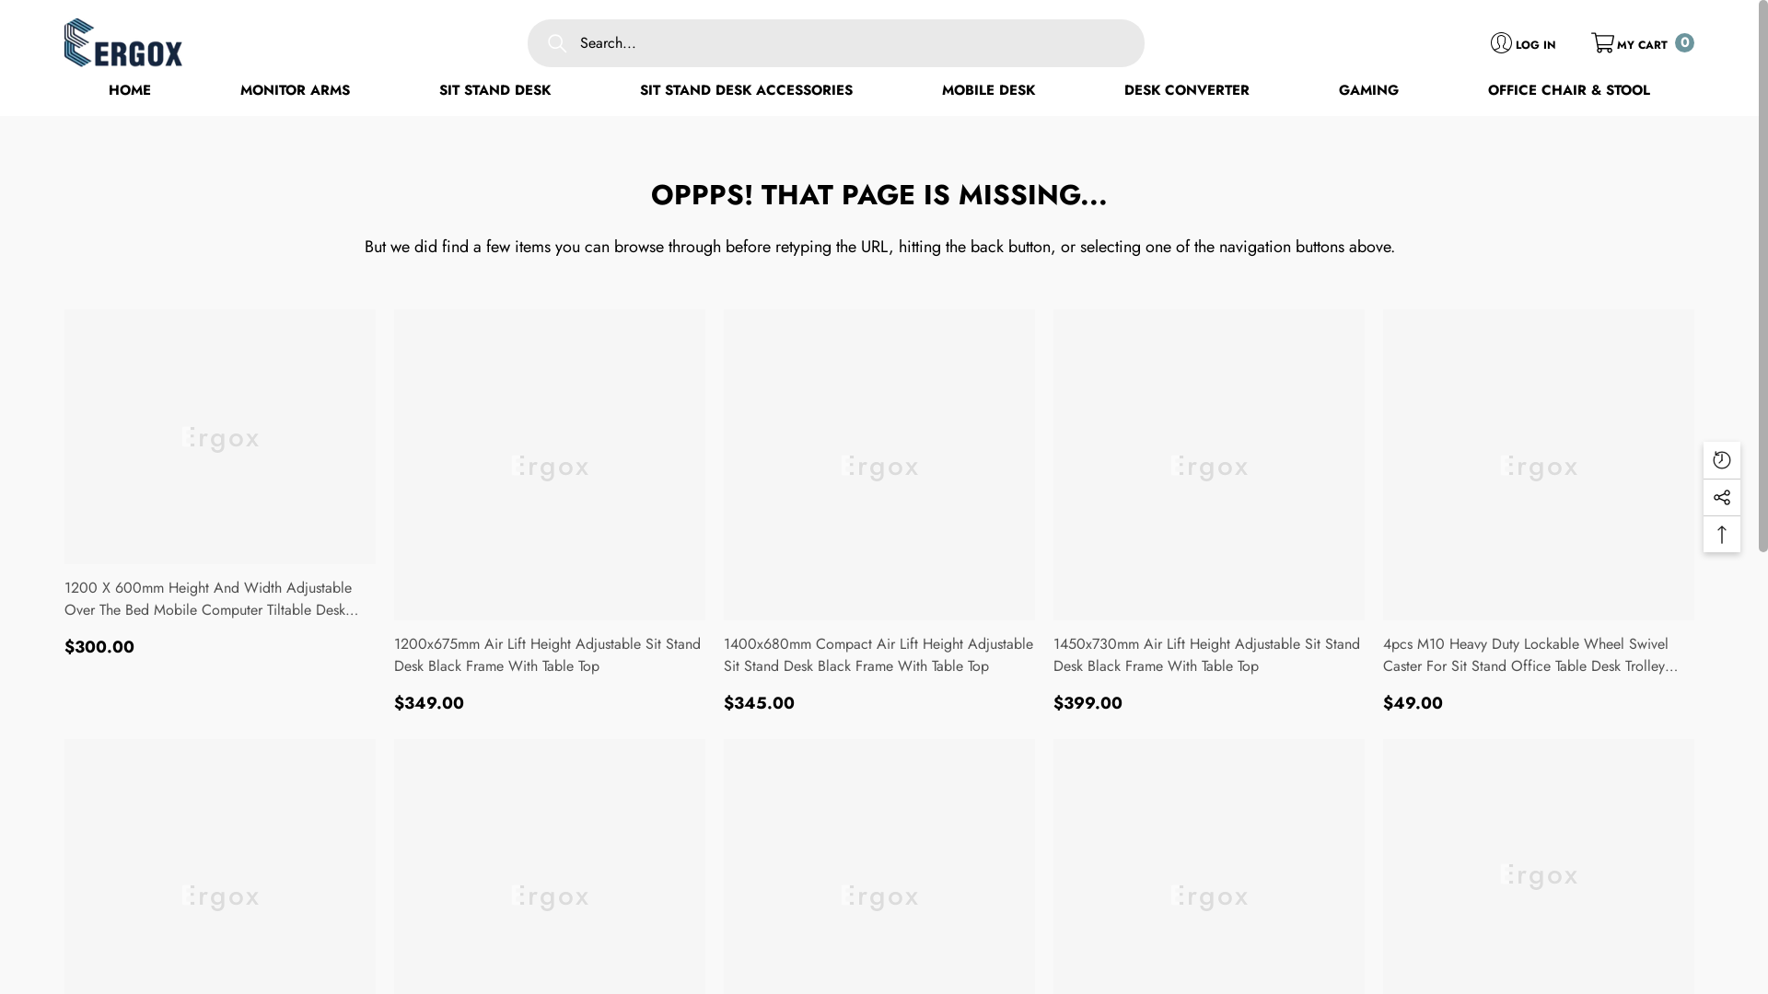 Image resolution: width=1768 pixels, height=994 pixels. I want to click on 'MY CART, so click(1643, 41).